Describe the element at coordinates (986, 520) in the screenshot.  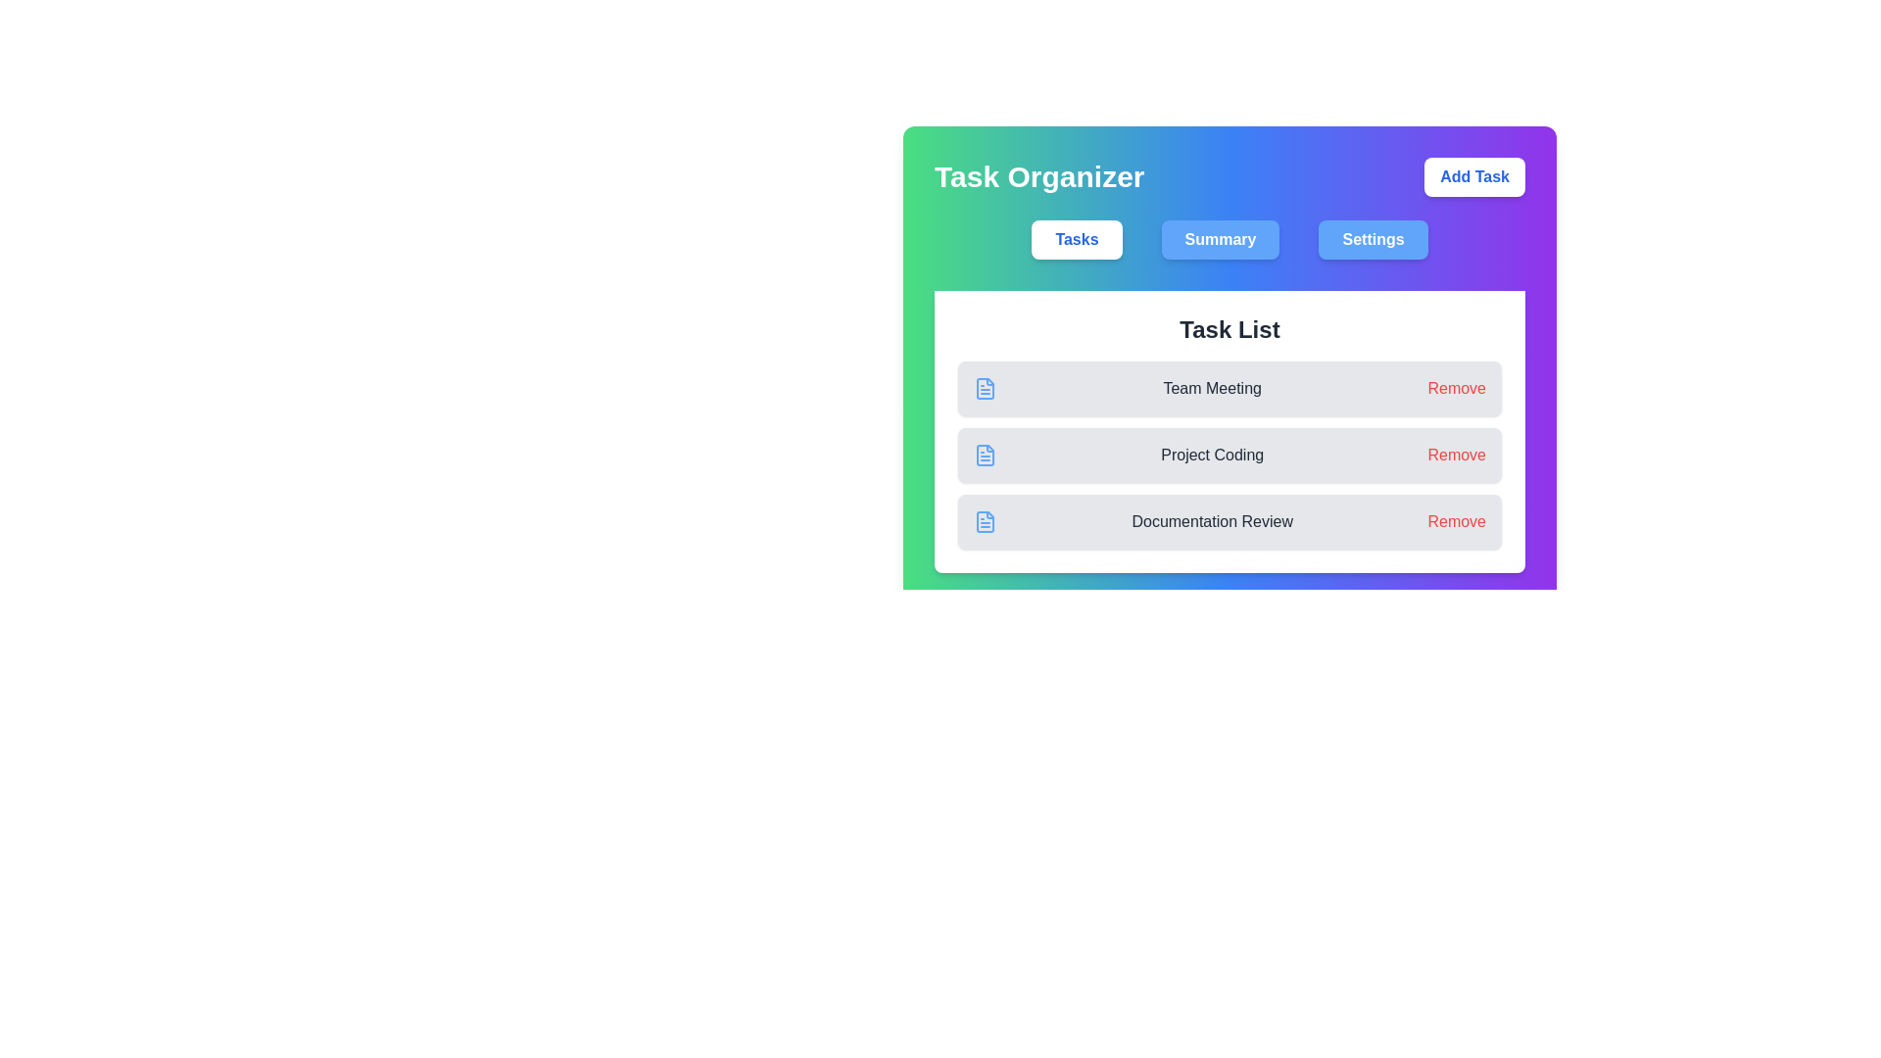
I see `the small blue document-shaped icon located to the left of the 'Documentation Review' text in the task list` at that location.